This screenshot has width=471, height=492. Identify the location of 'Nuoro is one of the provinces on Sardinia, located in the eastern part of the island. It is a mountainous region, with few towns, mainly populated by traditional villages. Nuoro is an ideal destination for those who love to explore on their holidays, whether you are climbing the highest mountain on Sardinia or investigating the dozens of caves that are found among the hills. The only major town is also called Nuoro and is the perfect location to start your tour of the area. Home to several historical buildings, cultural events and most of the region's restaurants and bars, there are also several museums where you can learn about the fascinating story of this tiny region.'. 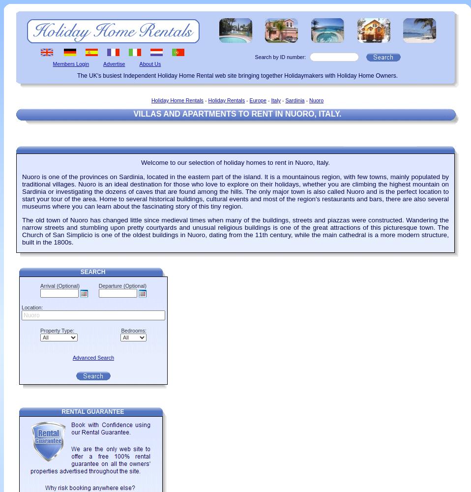
(22, 191).